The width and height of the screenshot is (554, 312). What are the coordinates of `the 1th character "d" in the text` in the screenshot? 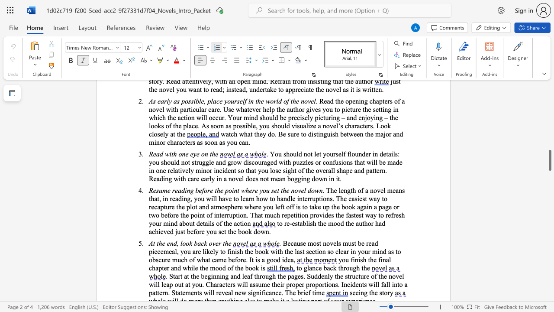 It's located at (376, 243).